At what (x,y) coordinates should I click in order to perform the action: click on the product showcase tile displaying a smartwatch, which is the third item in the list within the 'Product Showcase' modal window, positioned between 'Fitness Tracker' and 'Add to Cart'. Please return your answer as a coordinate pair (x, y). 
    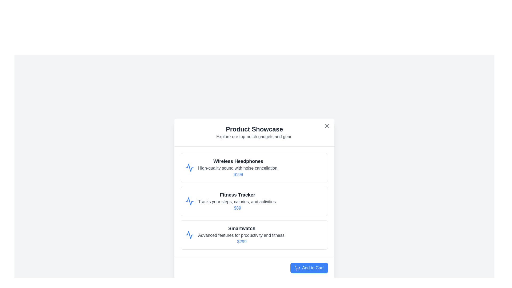
    Looking at the image, I should click on (254, 234).